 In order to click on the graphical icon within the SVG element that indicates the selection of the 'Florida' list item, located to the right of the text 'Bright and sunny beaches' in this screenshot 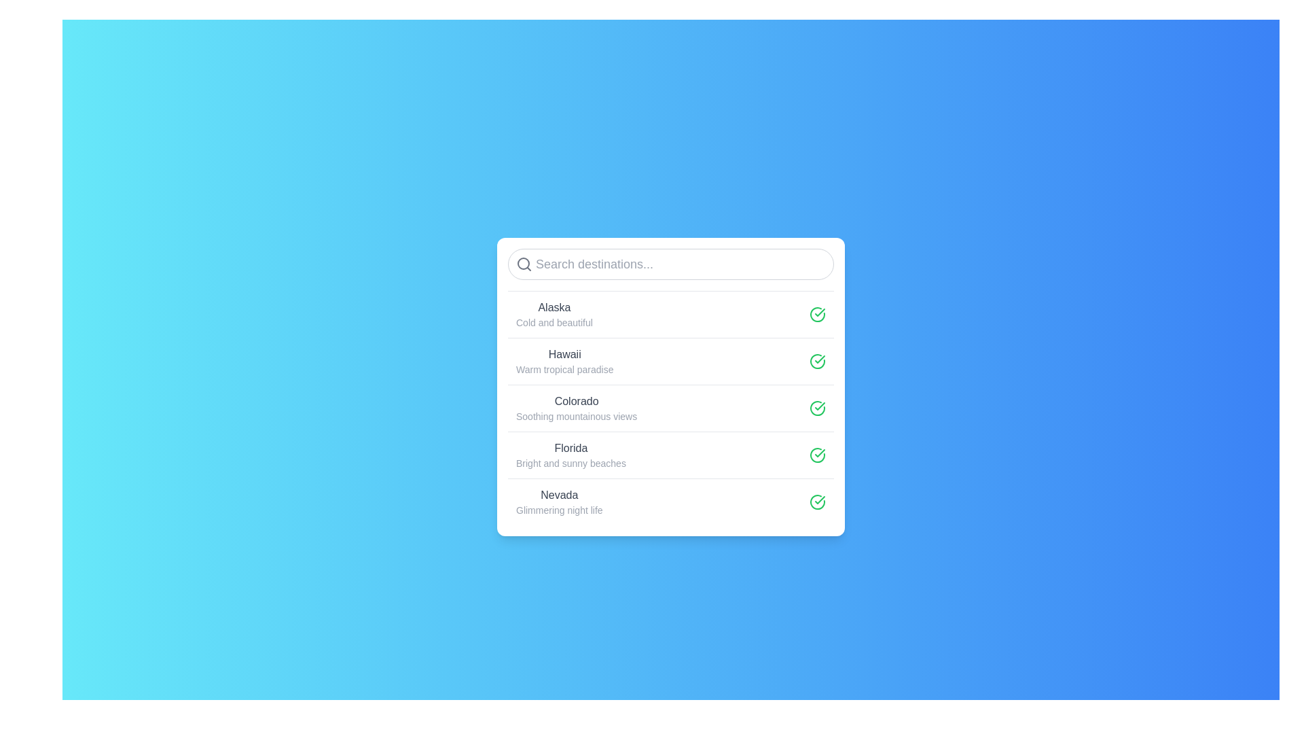, I will do `click(817, 455)`.